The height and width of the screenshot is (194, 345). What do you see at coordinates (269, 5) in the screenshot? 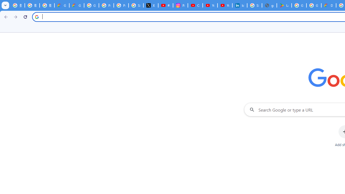
I see `'google_privacy_policy_en.pdf'` at bounding box center [269, 5].